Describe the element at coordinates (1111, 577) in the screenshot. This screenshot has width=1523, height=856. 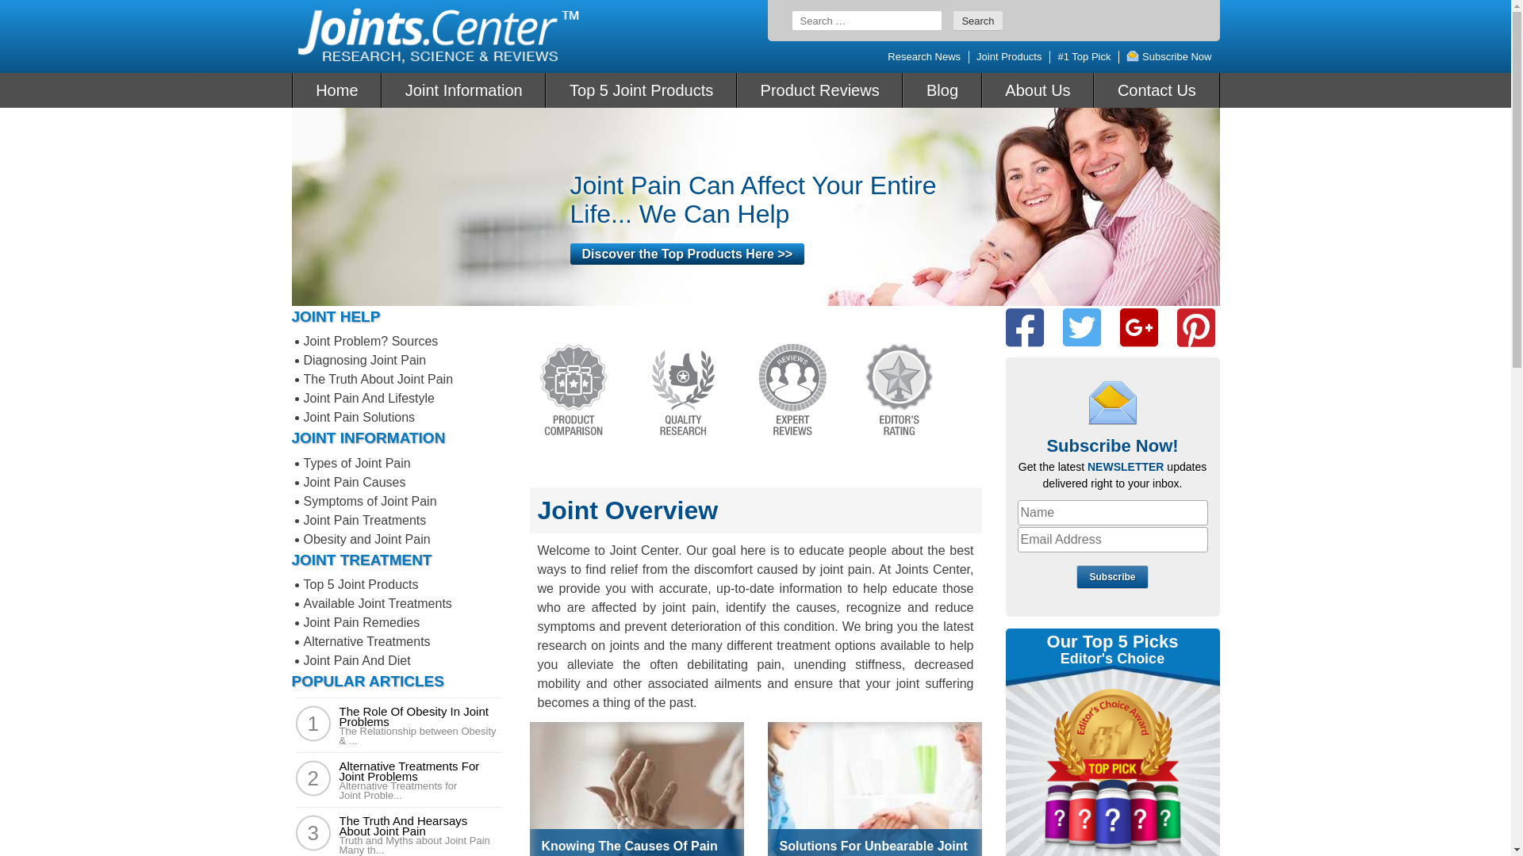
I see `'Subscribe'` at that location.